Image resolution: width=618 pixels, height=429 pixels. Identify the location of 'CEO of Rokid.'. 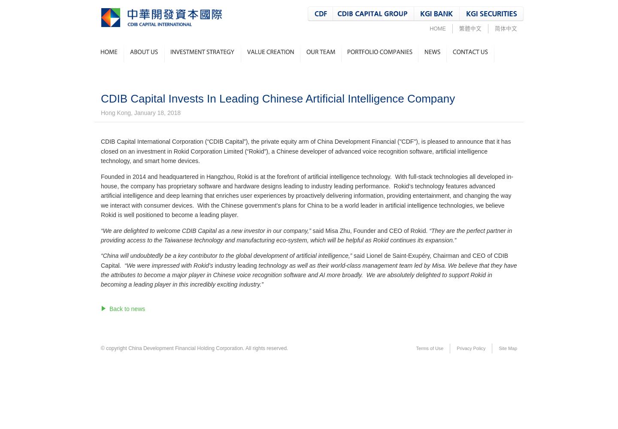
(408, 230).